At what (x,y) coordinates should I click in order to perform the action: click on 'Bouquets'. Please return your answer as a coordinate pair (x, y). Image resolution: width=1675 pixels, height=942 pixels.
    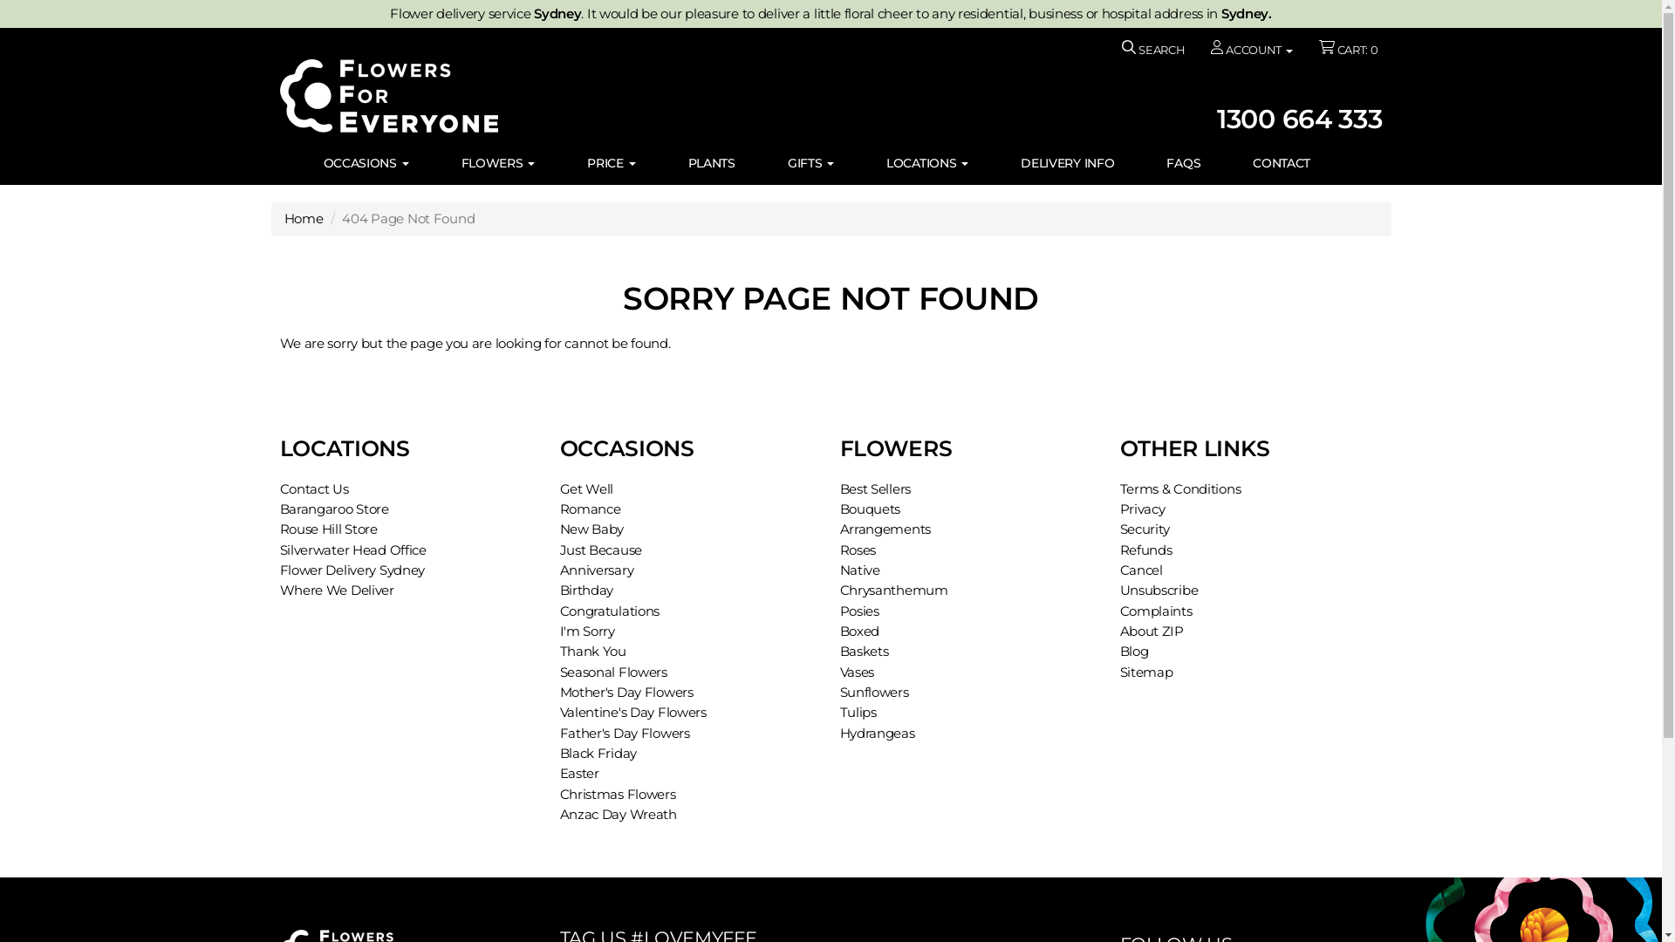
    Looking at the image, I should click on (870, 509).